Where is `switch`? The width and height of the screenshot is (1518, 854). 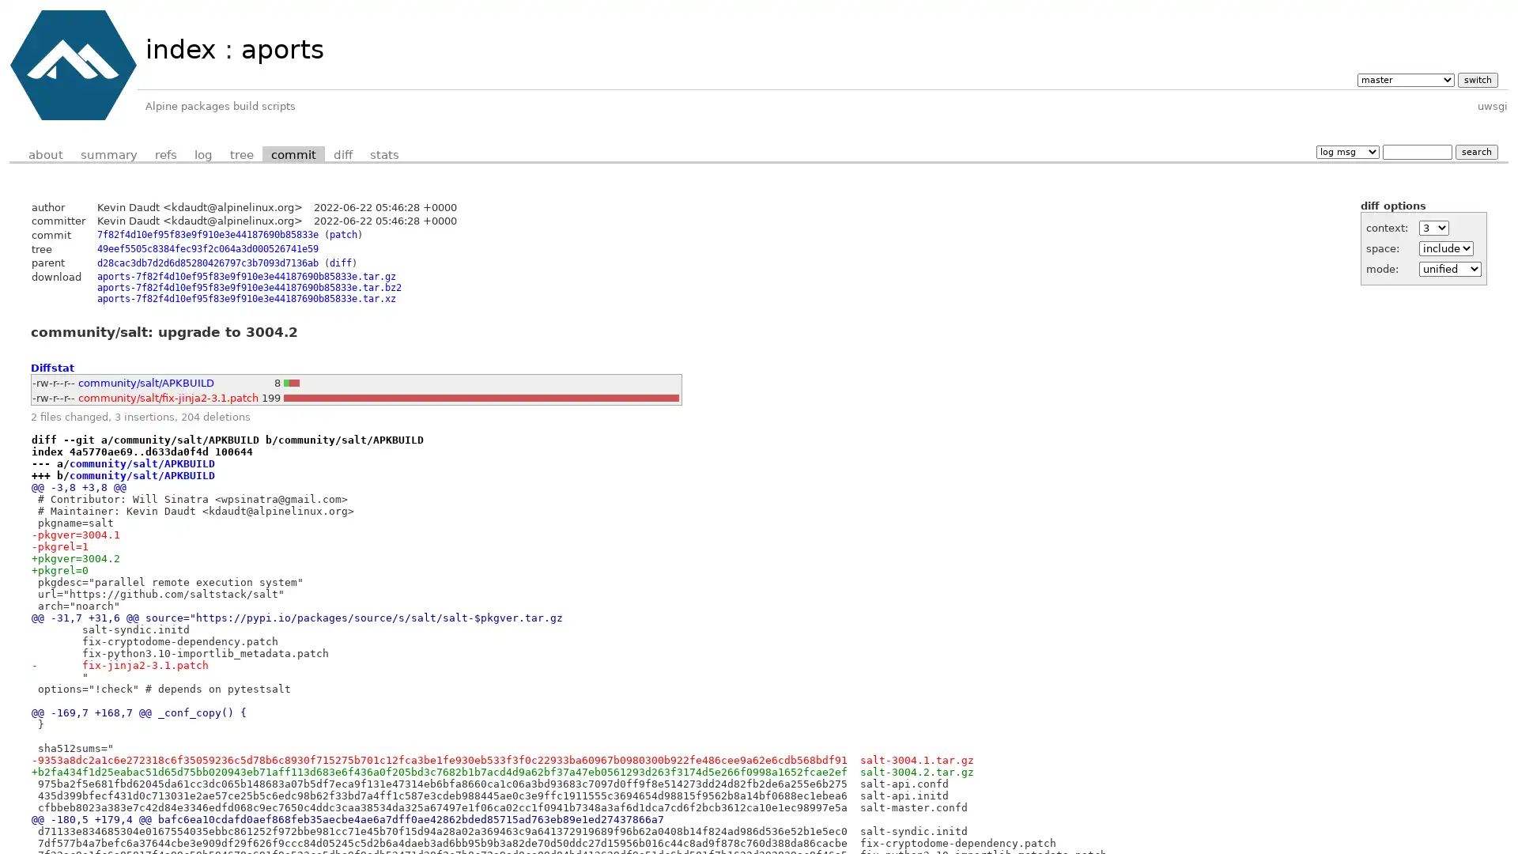 switch is located at coordinates (1476, 79).